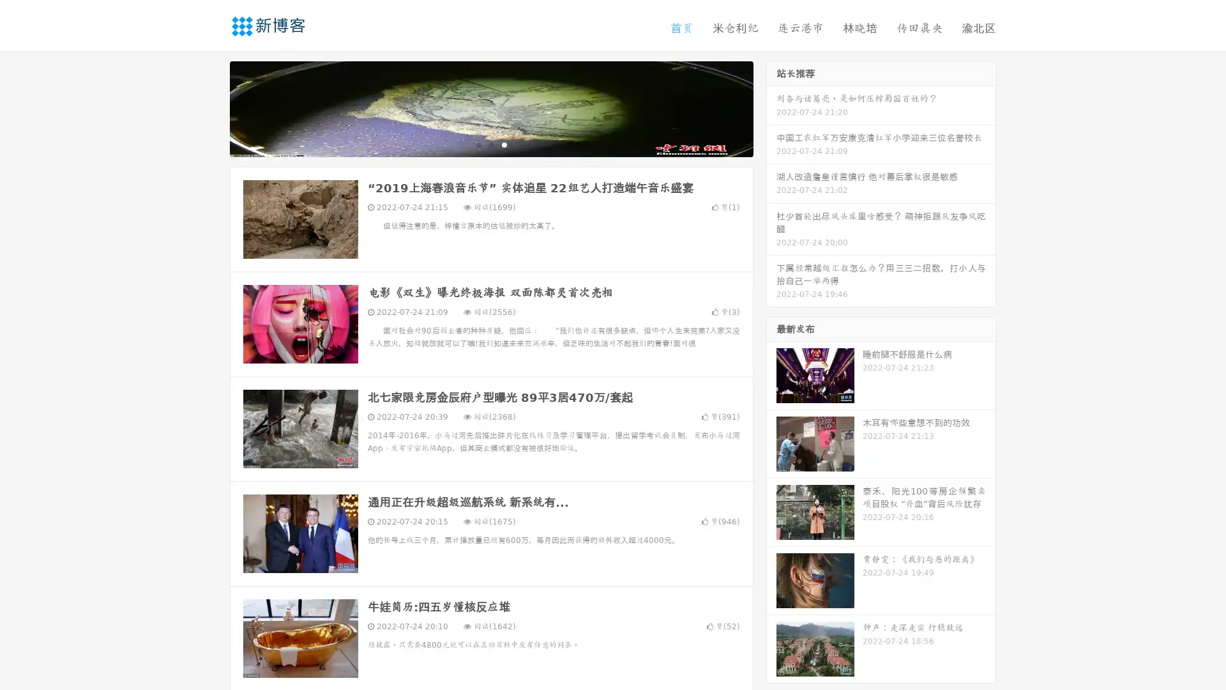 The height and width of the screenshot is (690, 1226). I want to click on Previous slide, so click(211, 107).